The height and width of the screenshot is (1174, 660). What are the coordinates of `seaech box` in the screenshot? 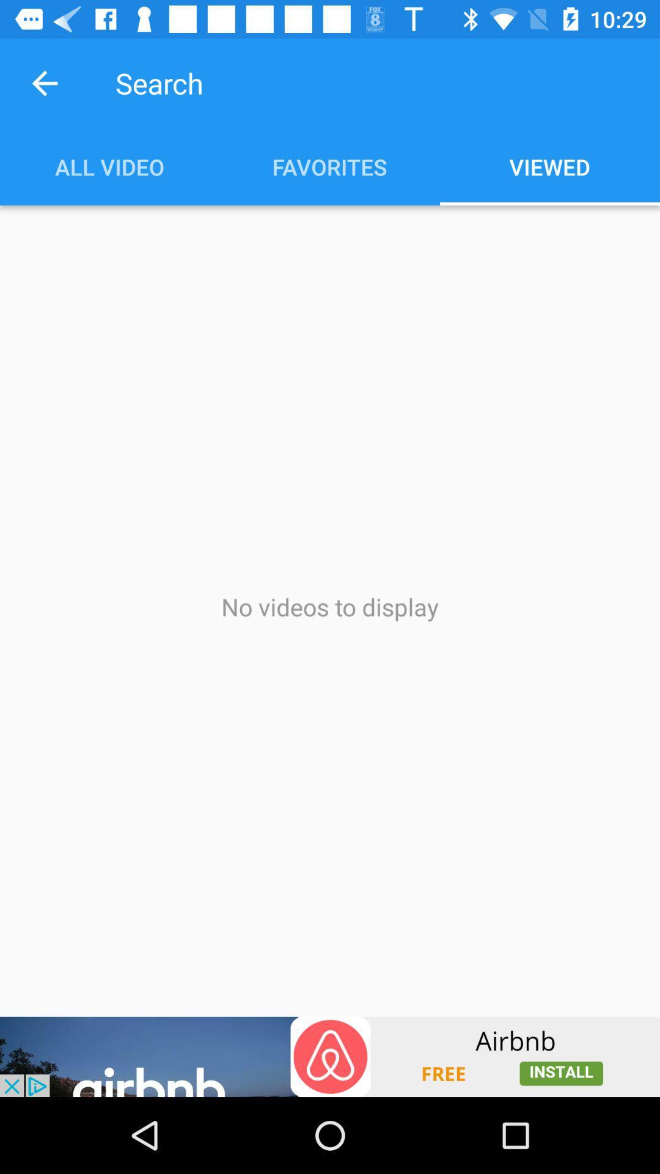 It's located at (346, 83).